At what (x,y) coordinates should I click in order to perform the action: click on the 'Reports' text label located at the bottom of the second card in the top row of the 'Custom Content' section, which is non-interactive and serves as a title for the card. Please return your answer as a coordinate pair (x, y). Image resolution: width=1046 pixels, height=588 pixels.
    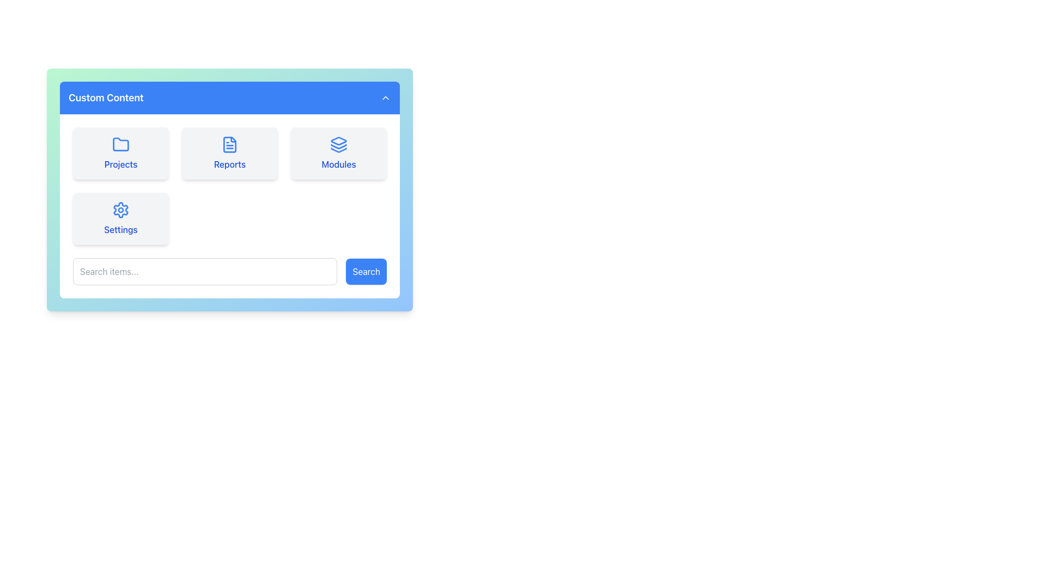
    Looking at the image, I should click on (229, 164).